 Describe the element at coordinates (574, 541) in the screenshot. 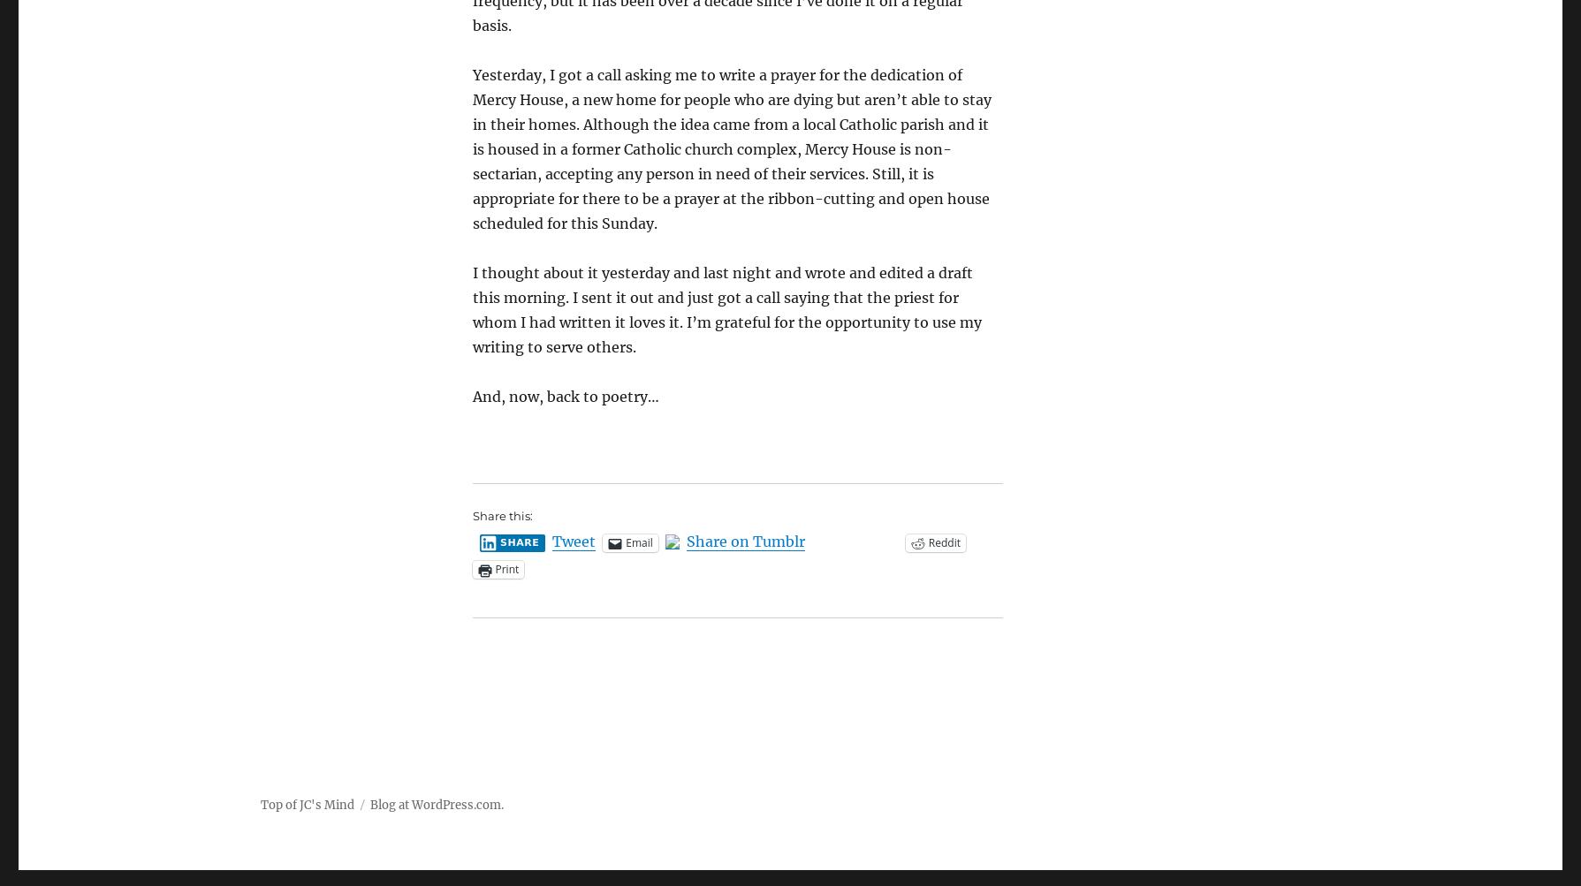

I see `'Tweet'` at that location.